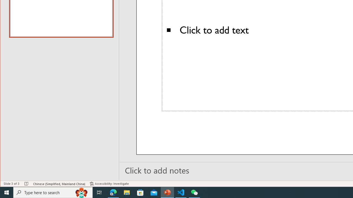 The height and width of the screenshot is (198, 353). Describe the element at coordinates (181, 192) in the screenshot. I see `'Visual Studio Code - 1 running window'` at that location.